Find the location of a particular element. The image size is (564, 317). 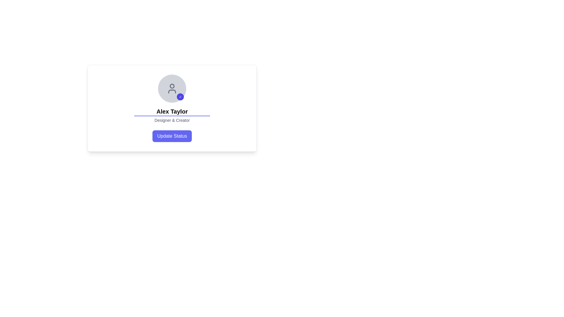

the edit button with a pen icon located at the bottom-right edge of the avatar's border to initiate editing is located at coordinates (180, 97).